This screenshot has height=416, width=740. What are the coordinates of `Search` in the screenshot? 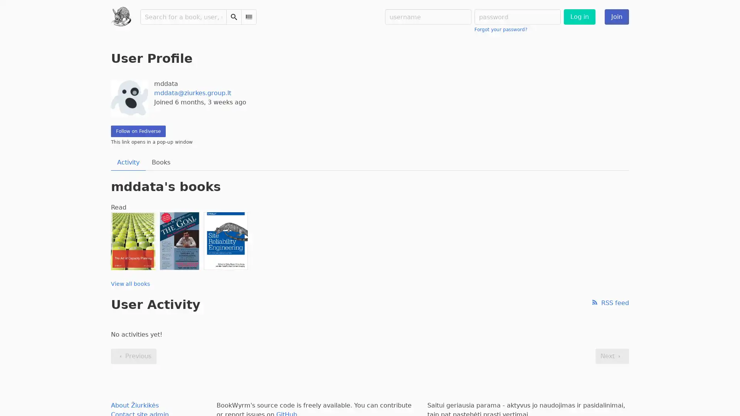 It's located at (233, 17).